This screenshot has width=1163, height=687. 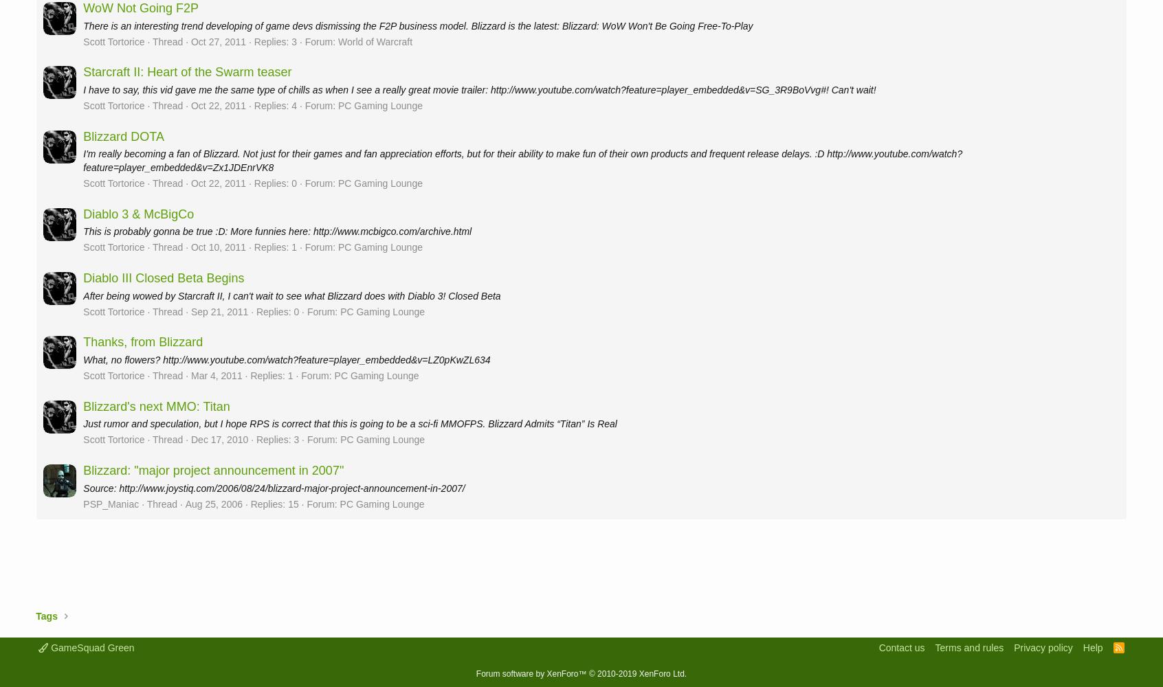 I want to click on 'There is an interesting trend developing of game devs dismissing the F2P business model.  Blizzard is the latest:

Blizzard: WoW Won't Be Going Free-To-Play', so click(x=417, y=25).